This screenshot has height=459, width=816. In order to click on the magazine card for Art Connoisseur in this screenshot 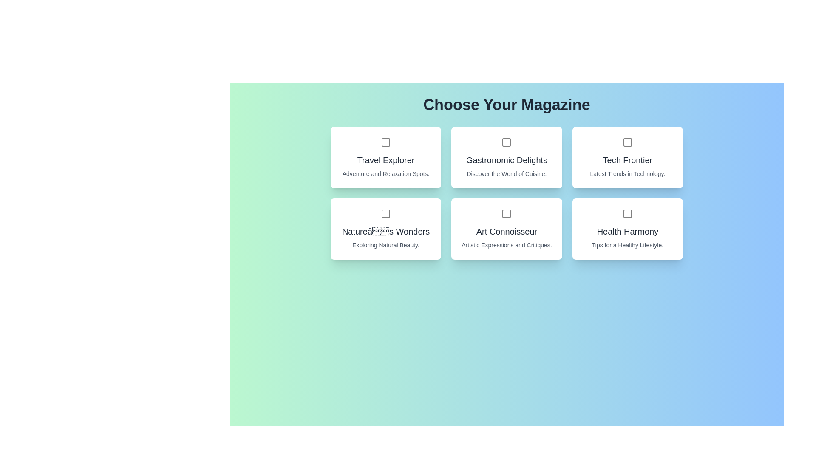, I will do `click(506, 229)`.